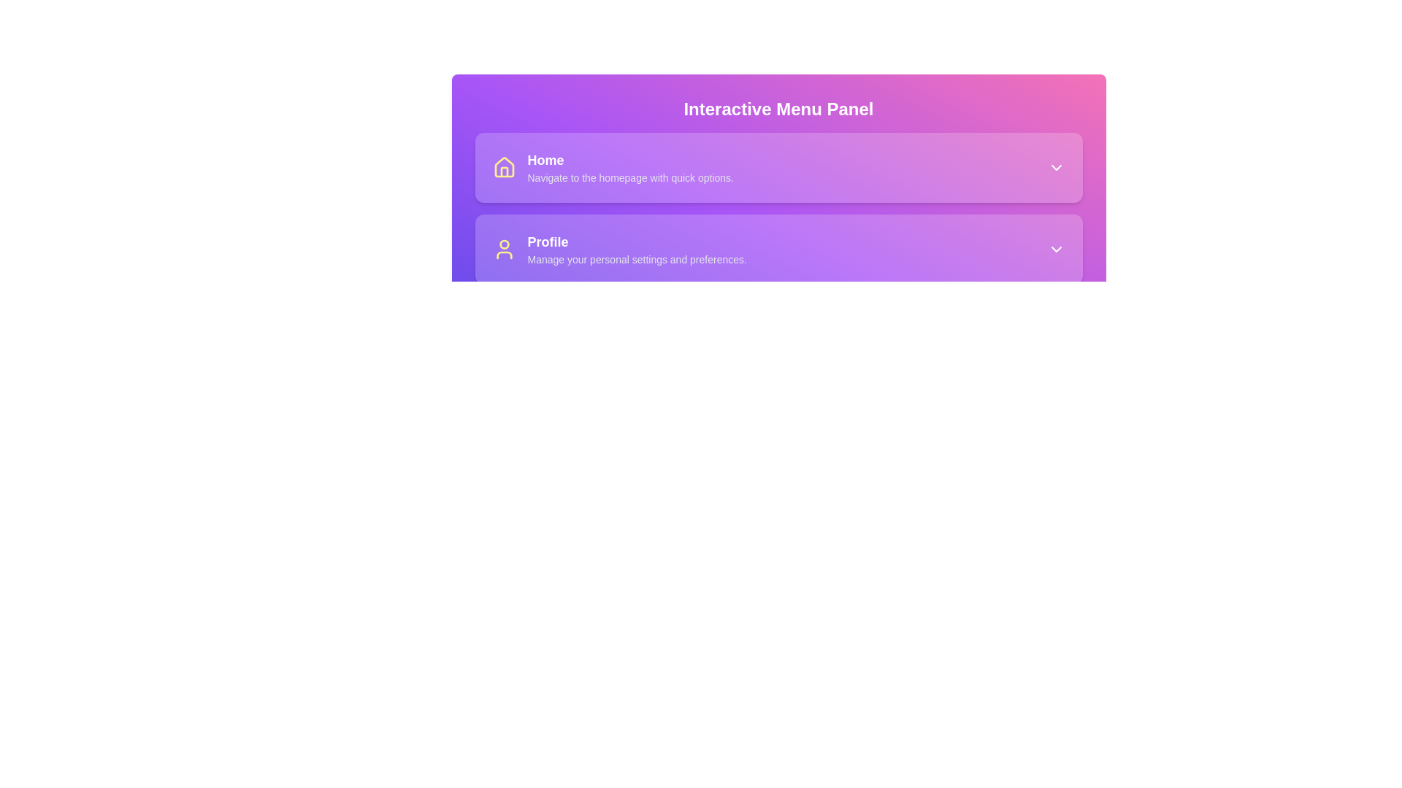 This screenshot has height=788, width=1402. Describe the element at coordinates (504, 244) in the screenshot. I see `the decorative SVG circle that represents the head of the person in the user icon, which is part of the 'Profile' section` at that location.